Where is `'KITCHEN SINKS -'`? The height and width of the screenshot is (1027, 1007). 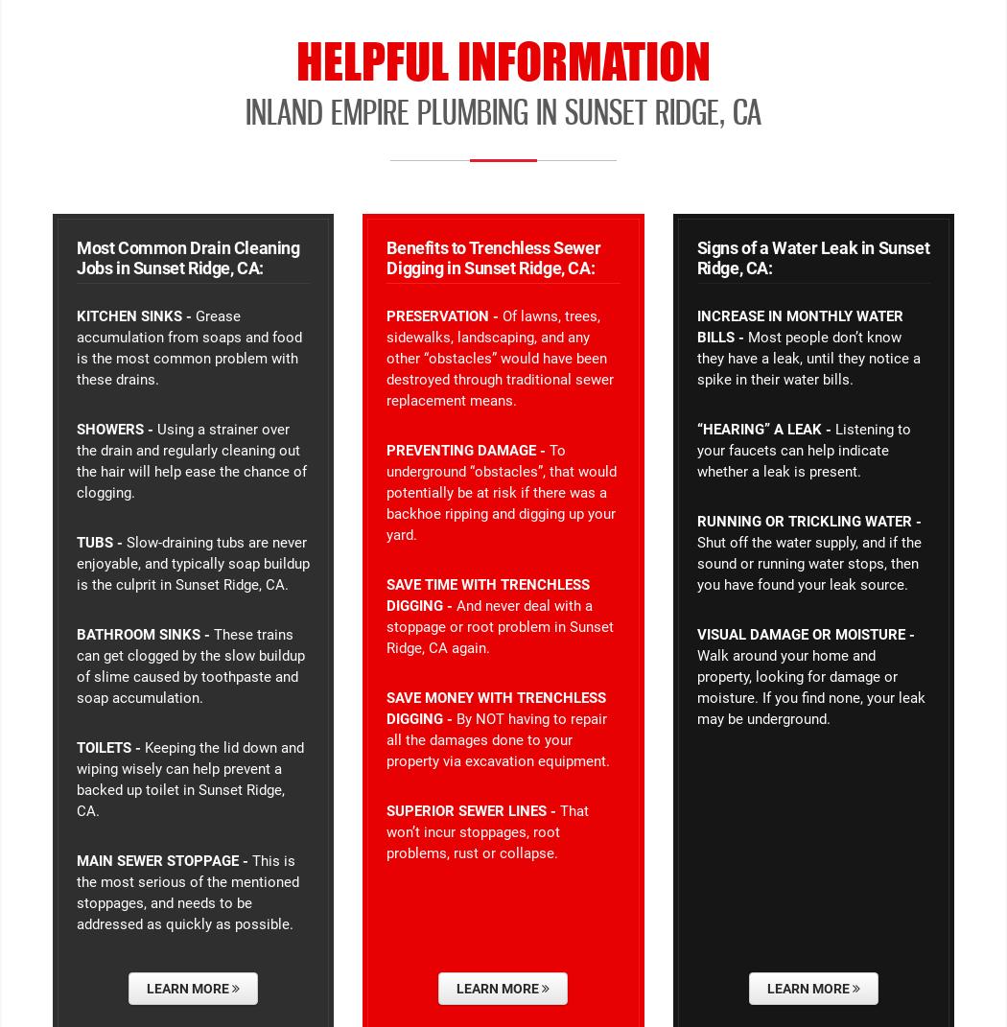 'KITCHEN SINKS -' is located at coordinates (132, 315).